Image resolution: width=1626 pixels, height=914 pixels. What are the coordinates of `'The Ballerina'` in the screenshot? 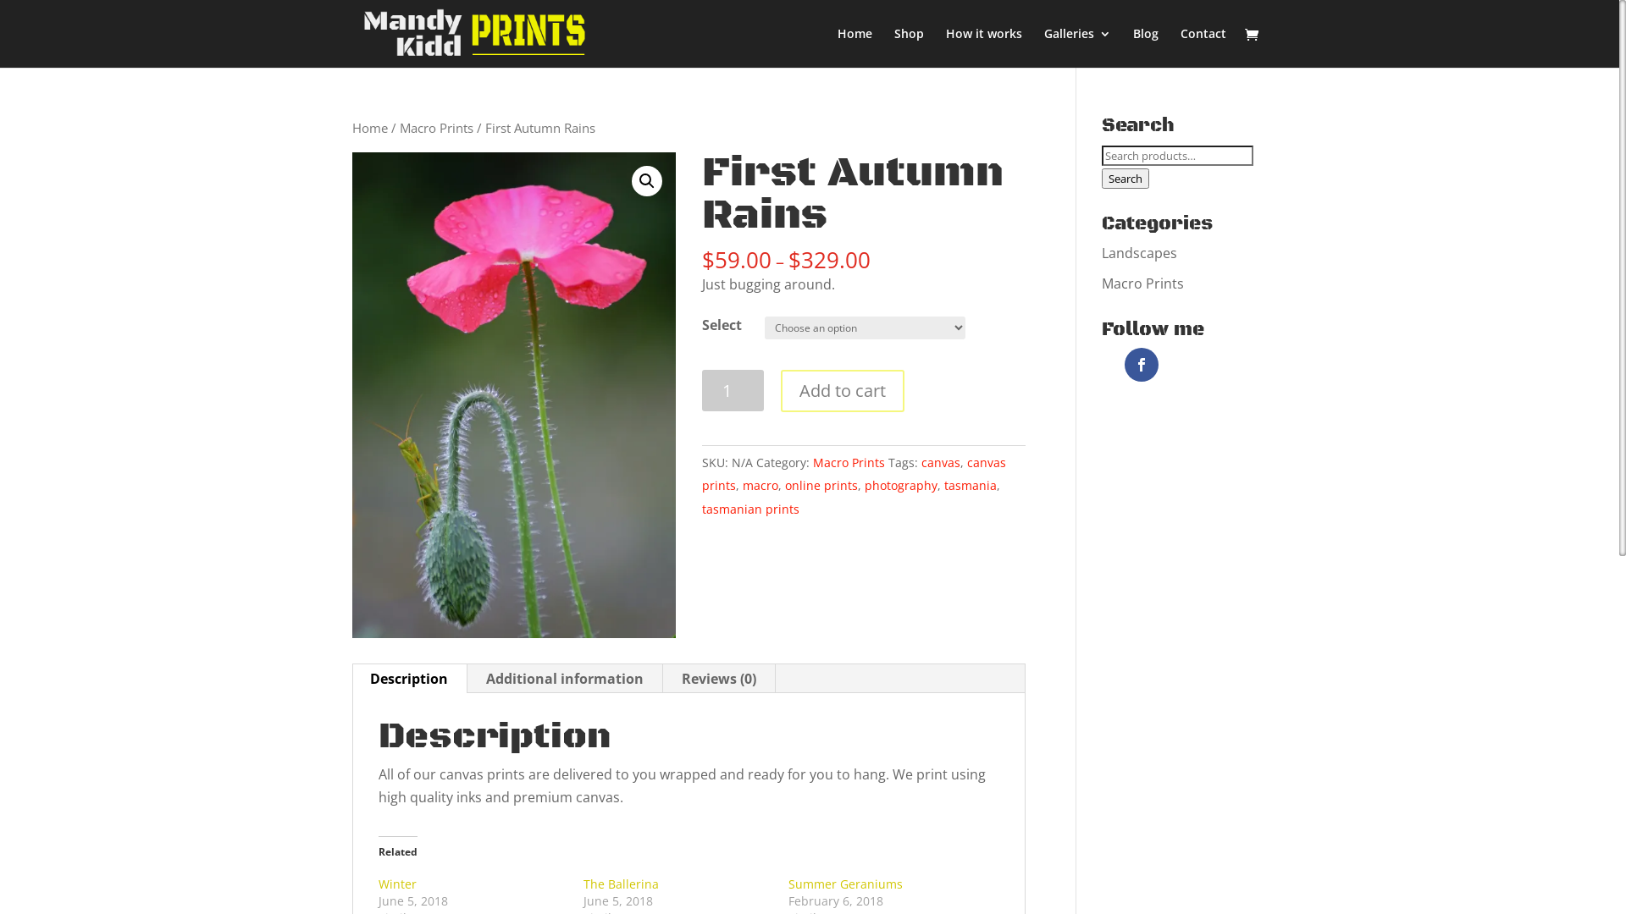 It's located at (620, 883).